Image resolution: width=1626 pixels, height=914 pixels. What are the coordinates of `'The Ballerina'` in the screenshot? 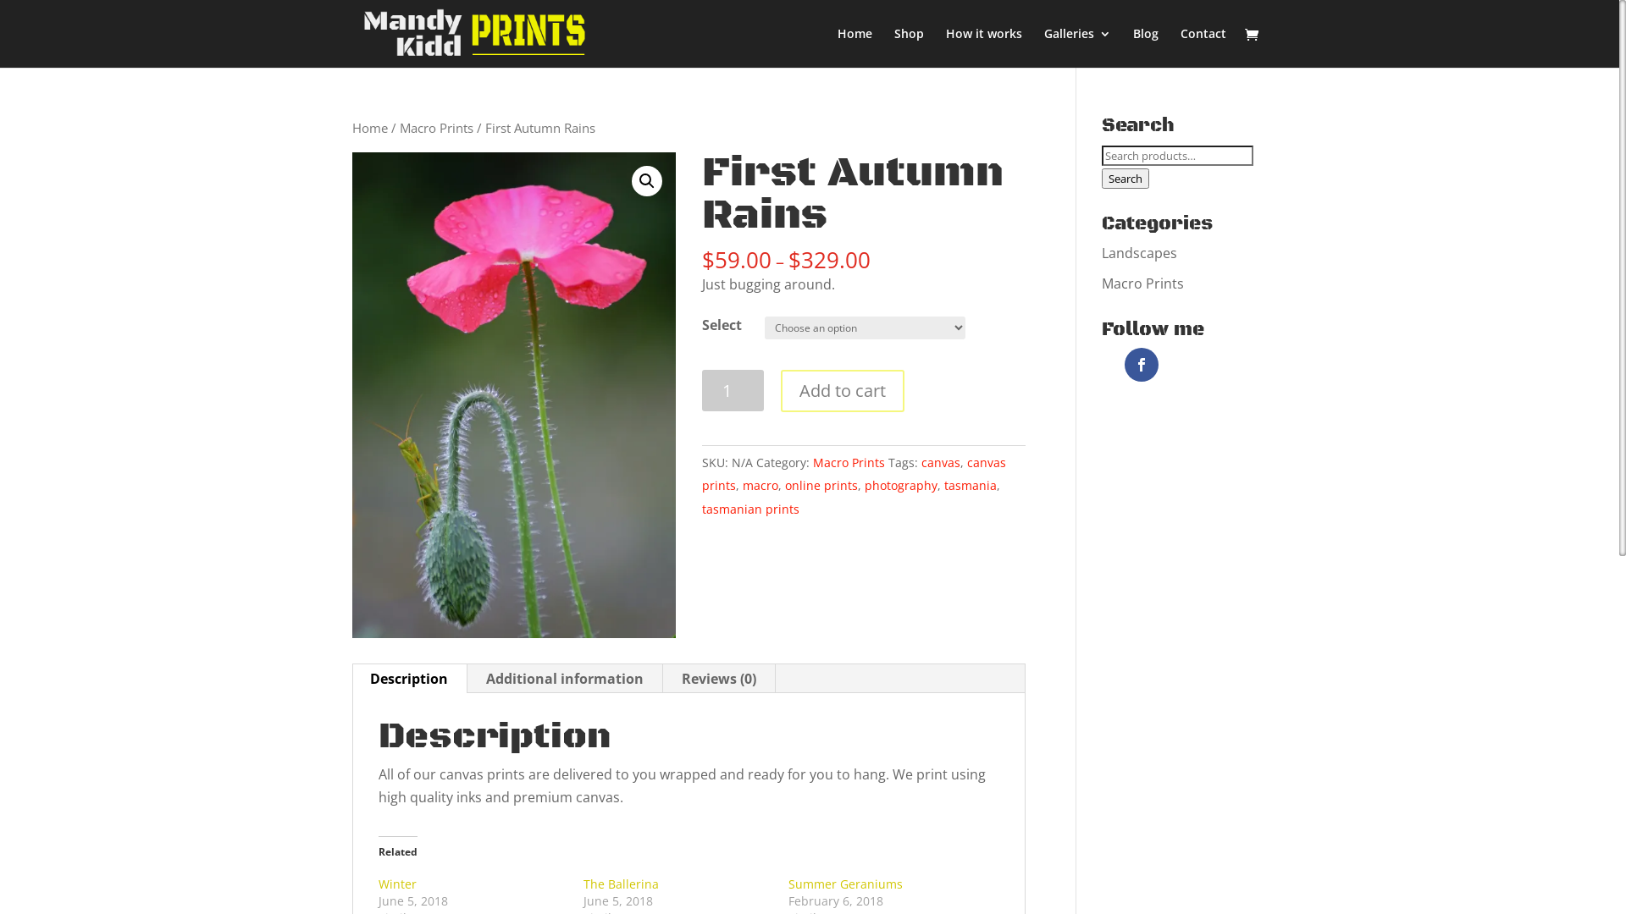 It's located at (620, 883).